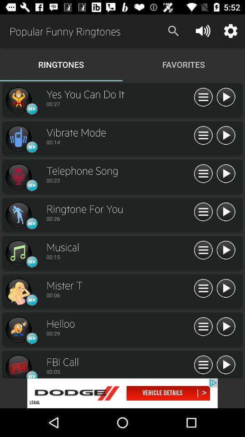  What do you see at coordinates (225, 97) in the screenshot?
I see `ringtone play button` at bounding box center [225, 97].